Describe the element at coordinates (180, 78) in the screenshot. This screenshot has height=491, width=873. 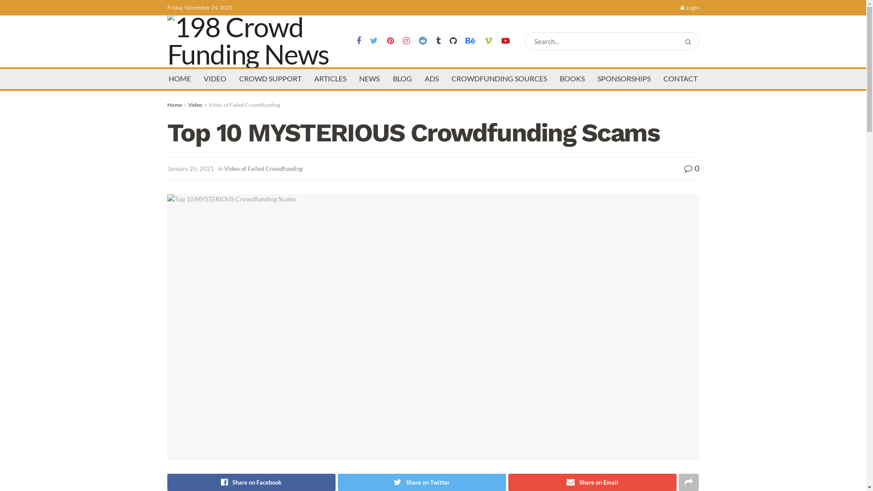
I see `'HOME'` at that location.